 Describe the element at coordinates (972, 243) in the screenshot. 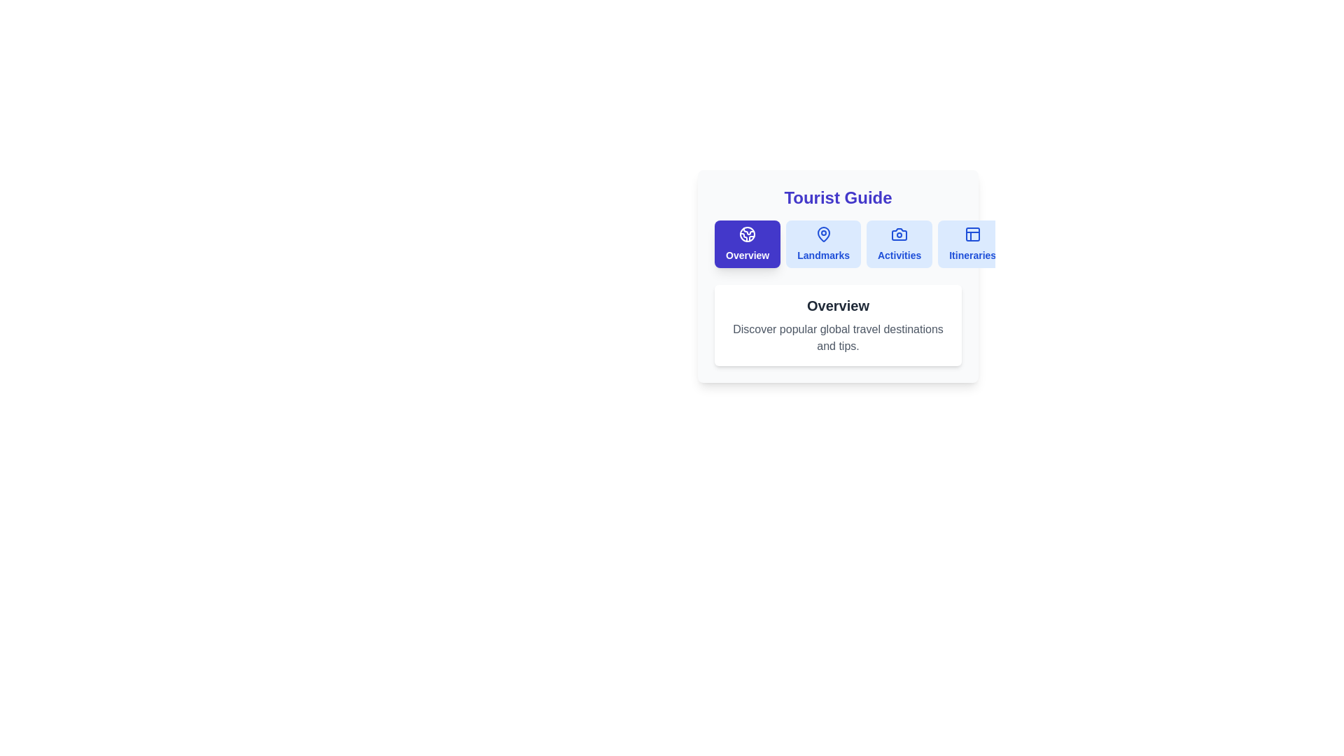

I see `the tab labeled Itineraries to inspect its icon and label` at that location.